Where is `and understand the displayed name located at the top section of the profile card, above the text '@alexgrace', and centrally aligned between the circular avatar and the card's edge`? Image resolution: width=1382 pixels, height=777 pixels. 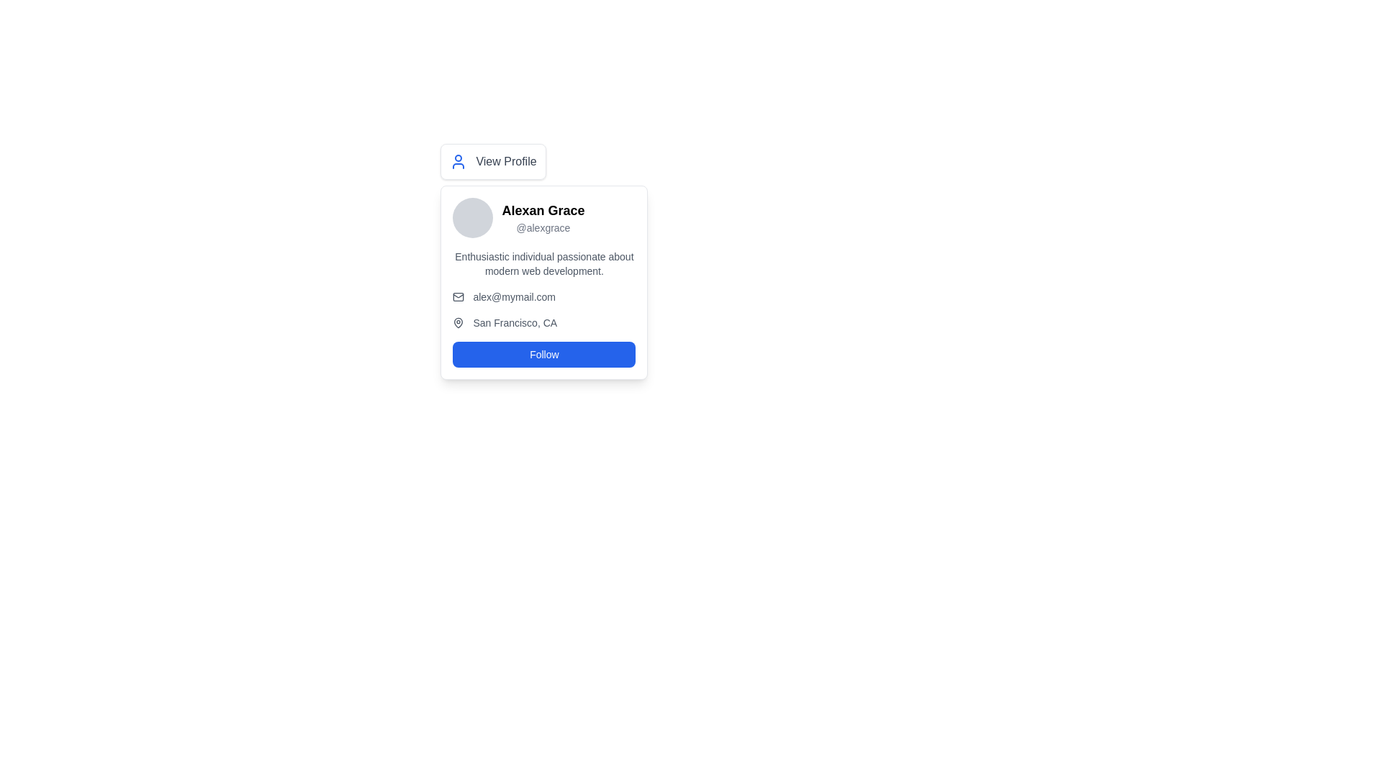
and understand the displayed name located at the top section of the profile card, above the text '@alexgrace', and centrally aligned between the circular avatar and the card's edge is located at coordinates (542, 211).